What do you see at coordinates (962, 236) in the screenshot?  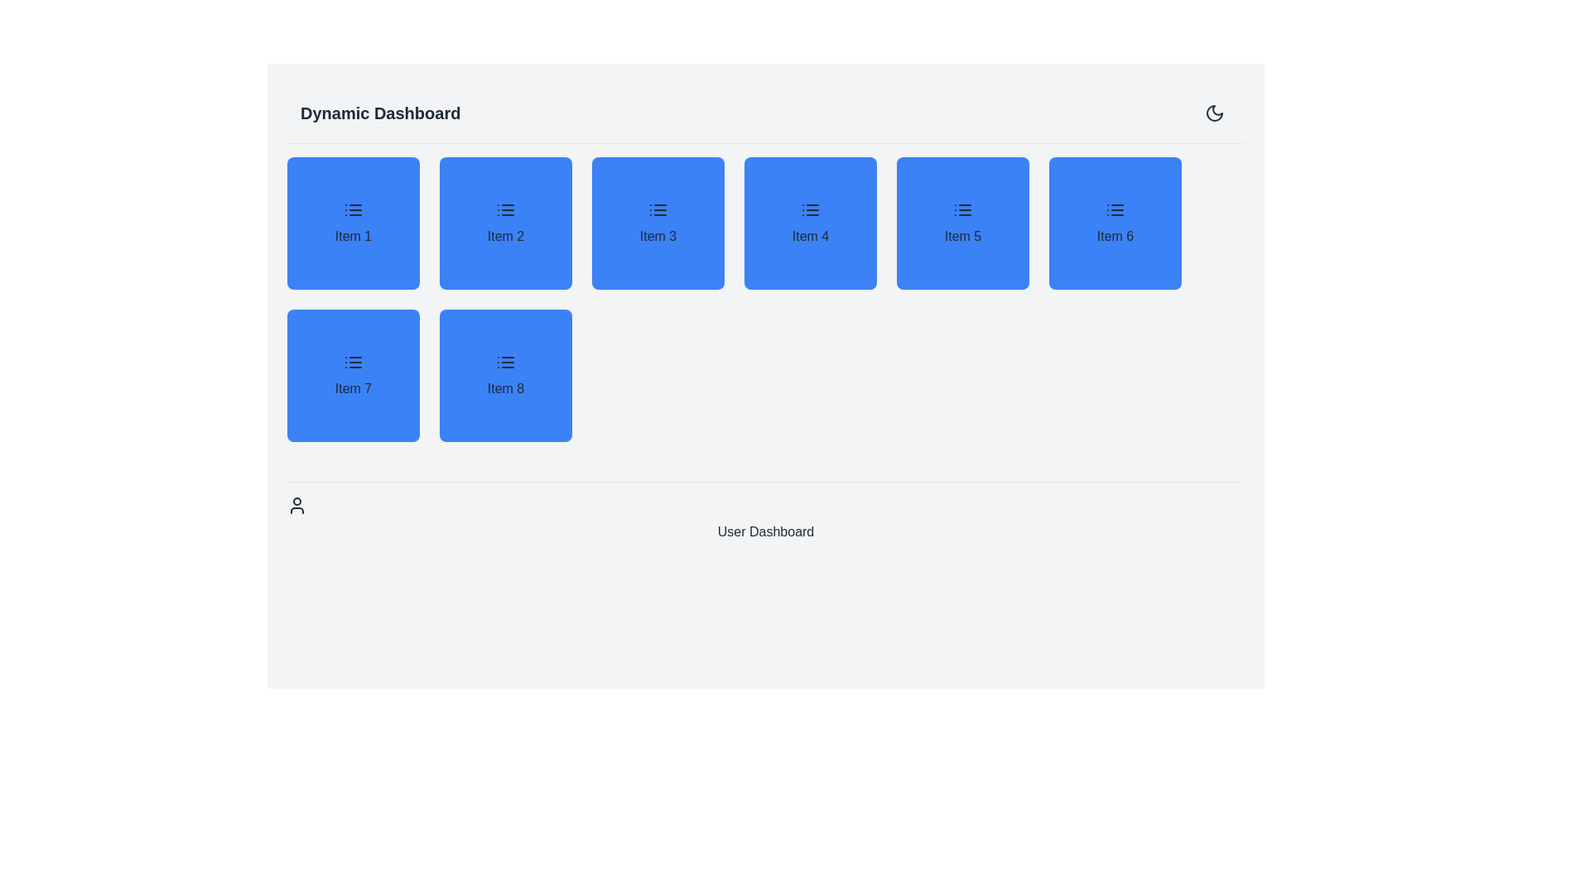 I see `the static text label 'Item 5' displayed in black text on a blue background, which is the fifth item in a grid structure` at bounding box center [962, 236].